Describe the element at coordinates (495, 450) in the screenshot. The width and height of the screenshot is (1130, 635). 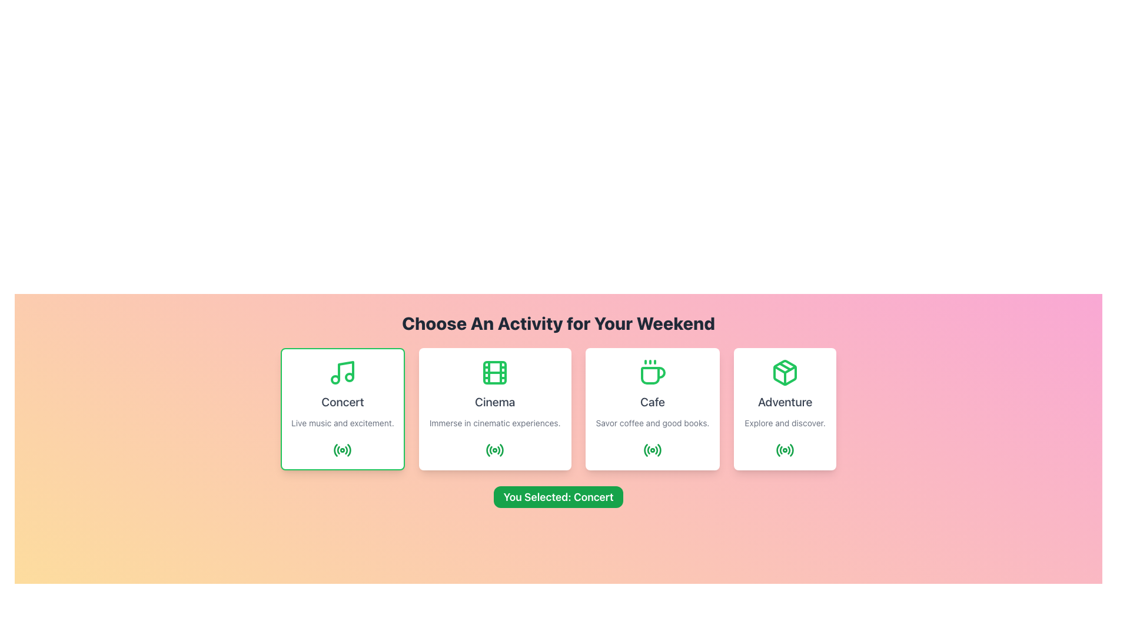
I see `the green radio-wave icon located at the bottom-center of the 'Cinema' card` at that location.